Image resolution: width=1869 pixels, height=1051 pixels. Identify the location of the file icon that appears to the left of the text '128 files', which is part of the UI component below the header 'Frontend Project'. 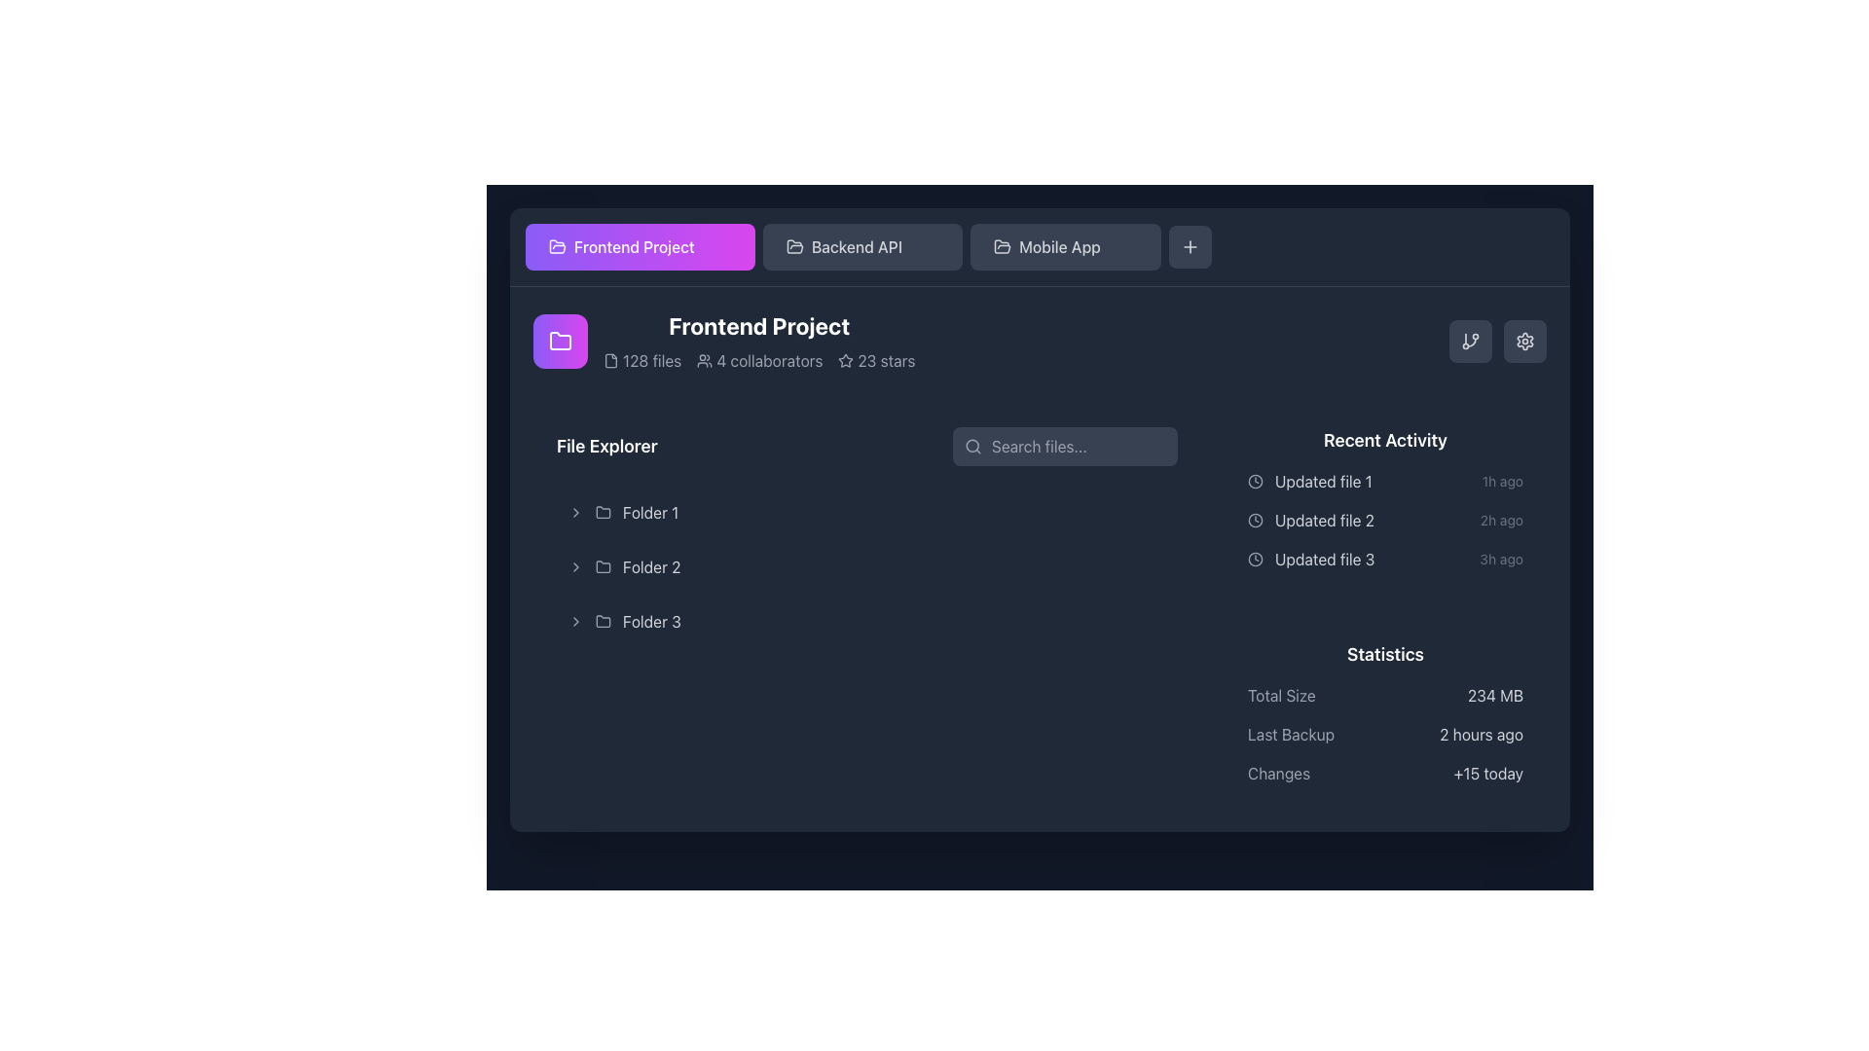
(610, 360).